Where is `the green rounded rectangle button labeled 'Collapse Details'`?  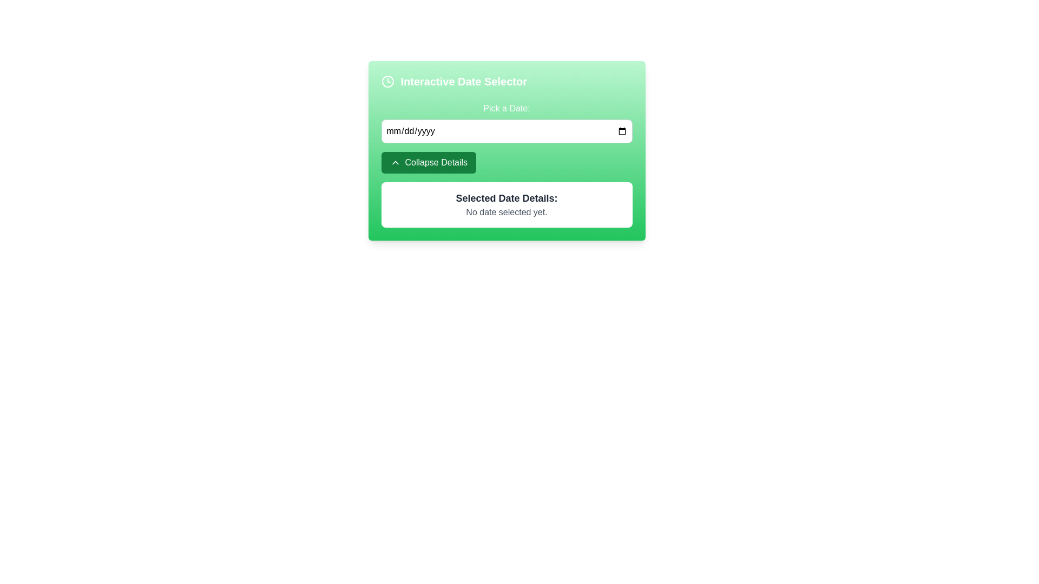 the green rounded rectangle button labeled 'Collapse Details' is located at coordinates (394, 162).